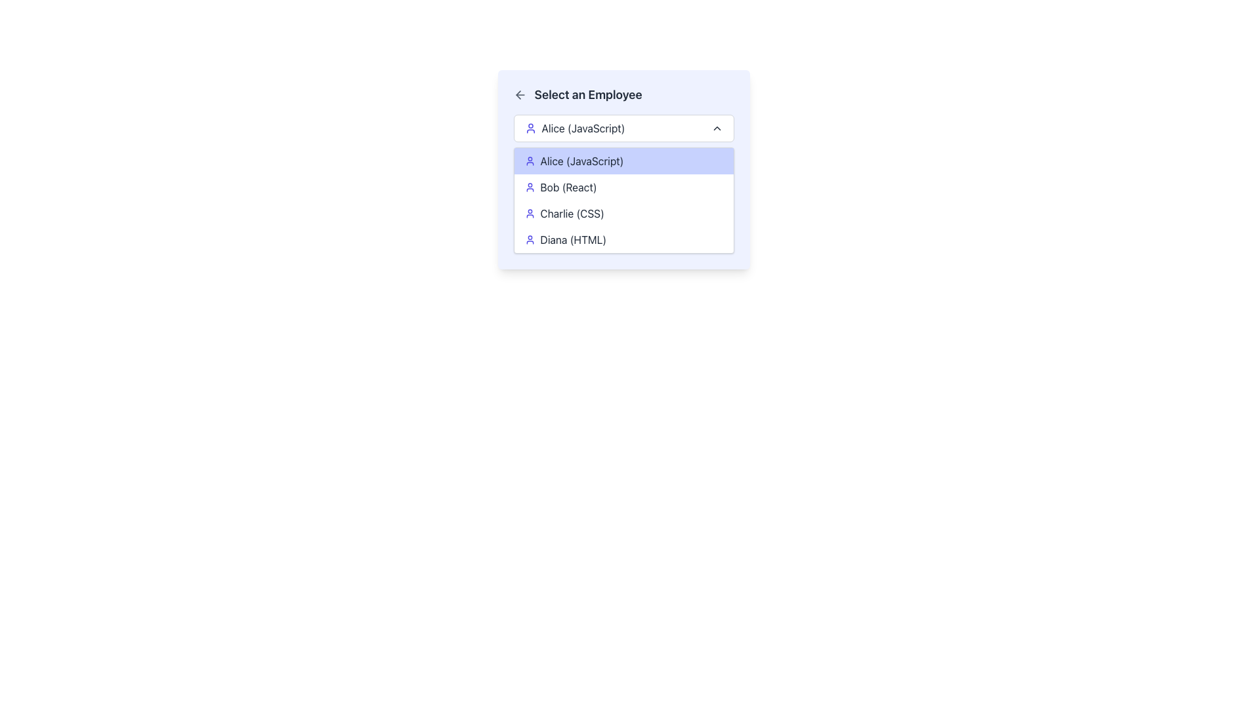 This screenshot has width=1260, height=708. What do you see at coordinates (623, 161) in the screenshot?
I see `the second item in the dropdown menu representing the choice 'Alice (JavaScript)'` at bounding box center [623, 161].